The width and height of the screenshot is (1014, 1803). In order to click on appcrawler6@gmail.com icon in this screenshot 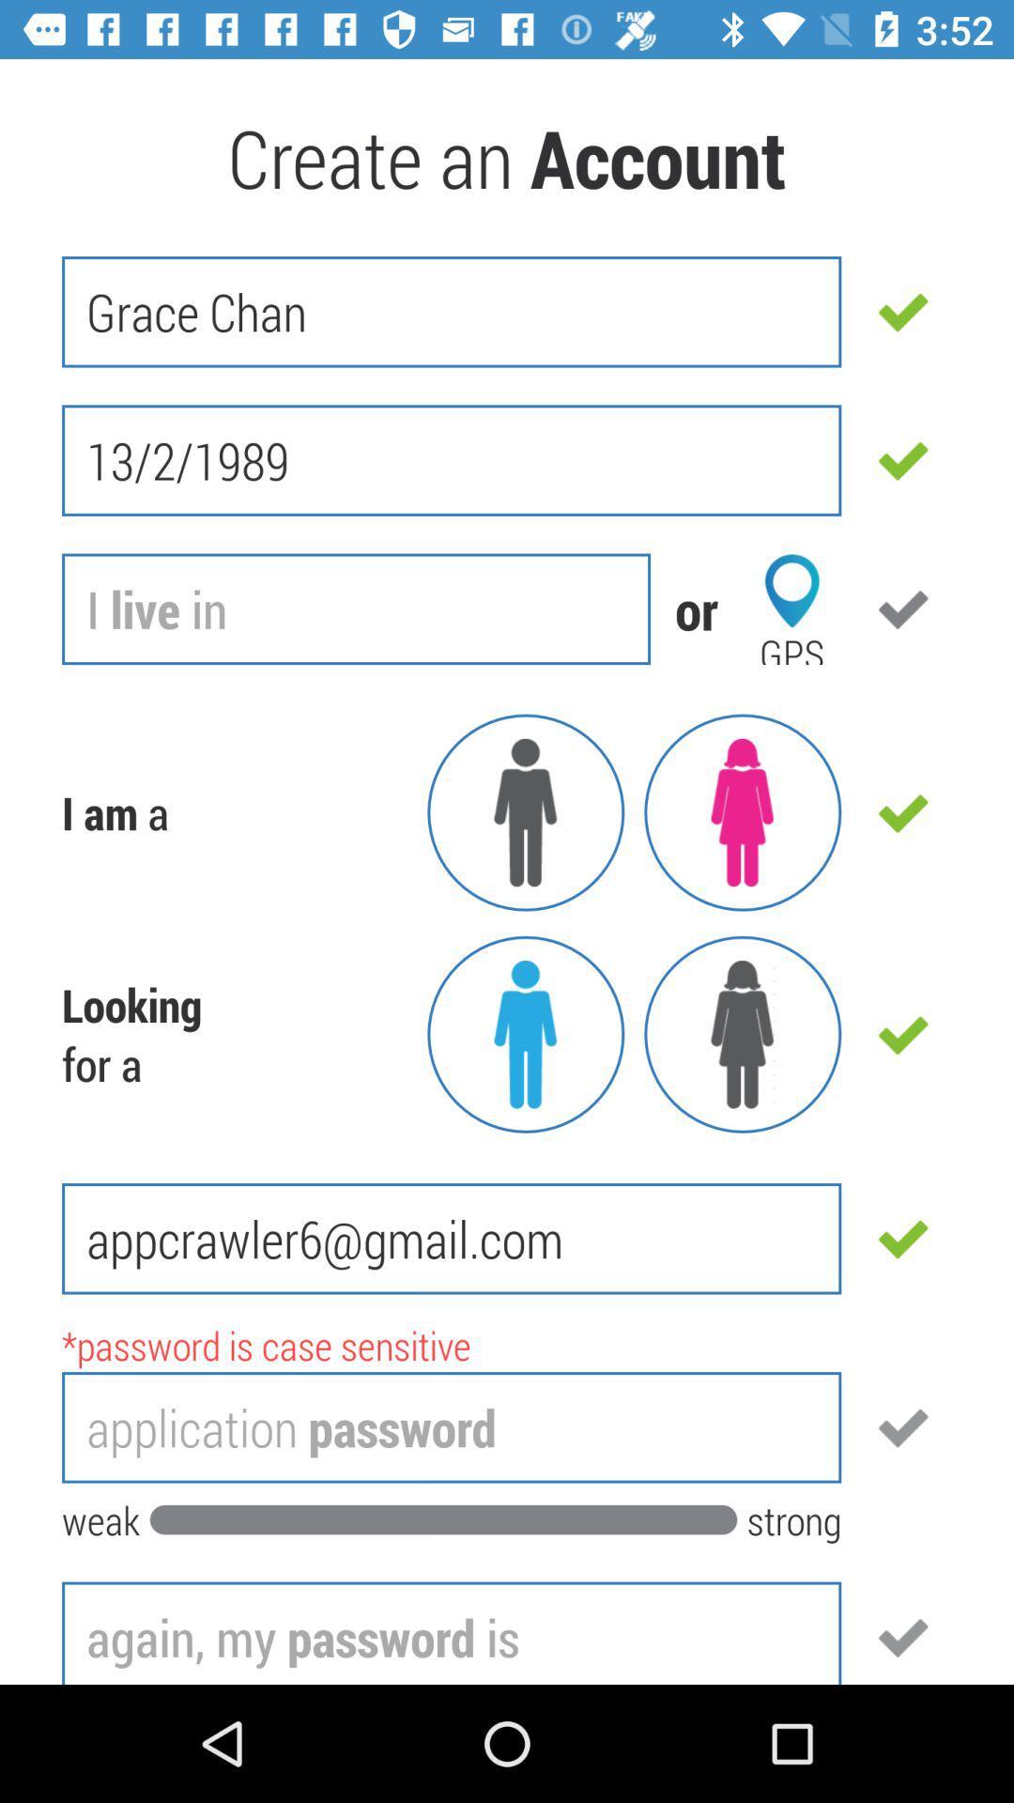, I will do `click(452, 1239)`.